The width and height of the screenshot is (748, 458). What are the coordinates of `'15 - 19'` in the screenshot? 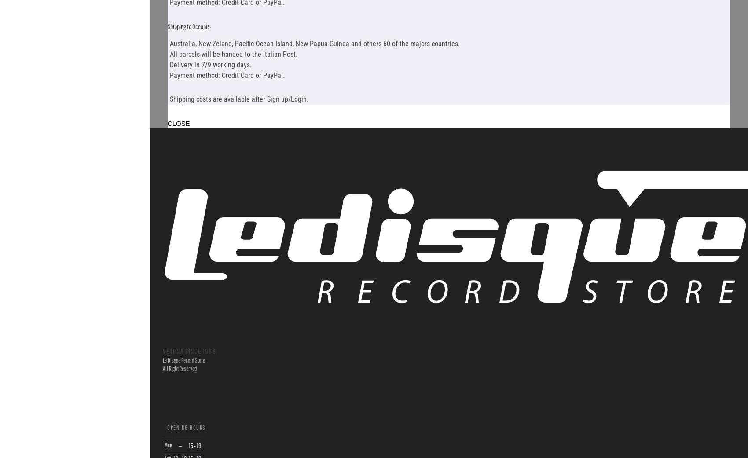 It's located at (189, 445).